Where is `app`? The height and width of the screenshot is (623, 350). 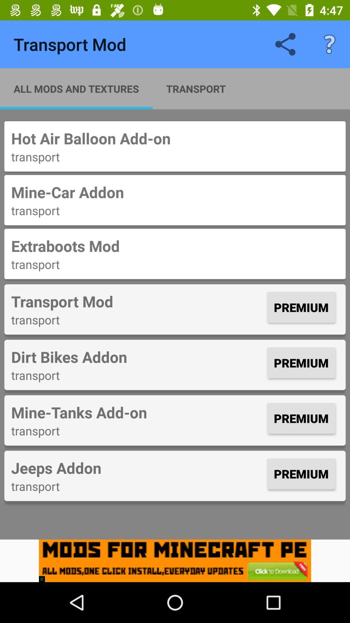
app is located at coordinates (175, 560).